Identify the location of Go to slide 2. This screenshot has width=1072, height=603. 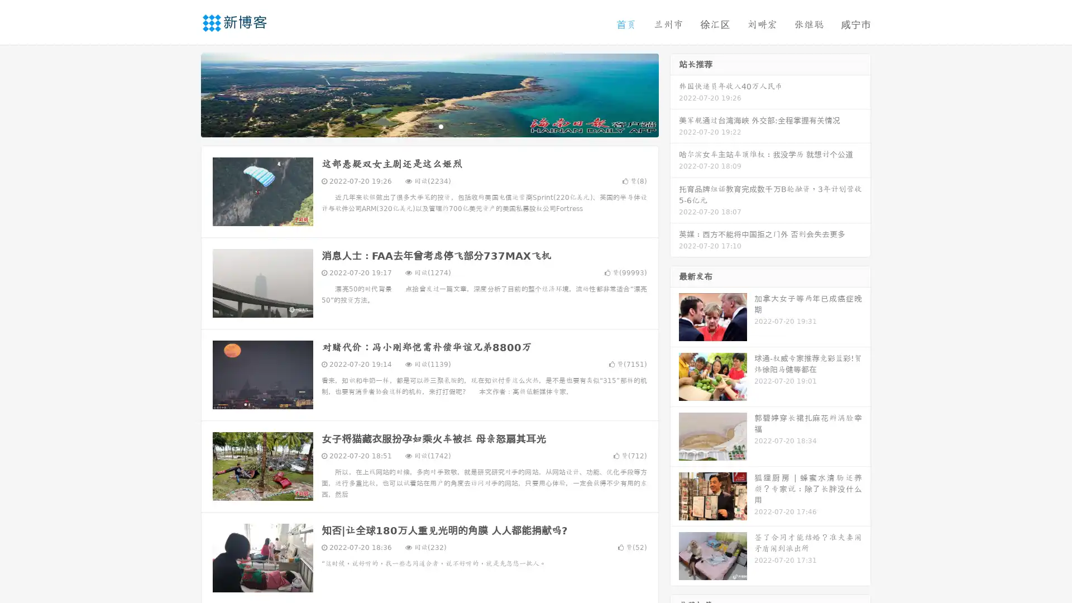
(429, 126).